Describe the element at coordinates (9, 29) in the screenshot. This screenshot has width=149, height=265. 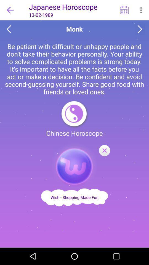
I see `the arrow_backward icon` at that location.